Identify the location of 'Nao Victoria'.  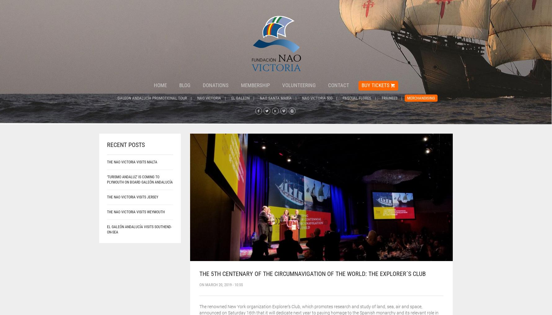
(209, 98).